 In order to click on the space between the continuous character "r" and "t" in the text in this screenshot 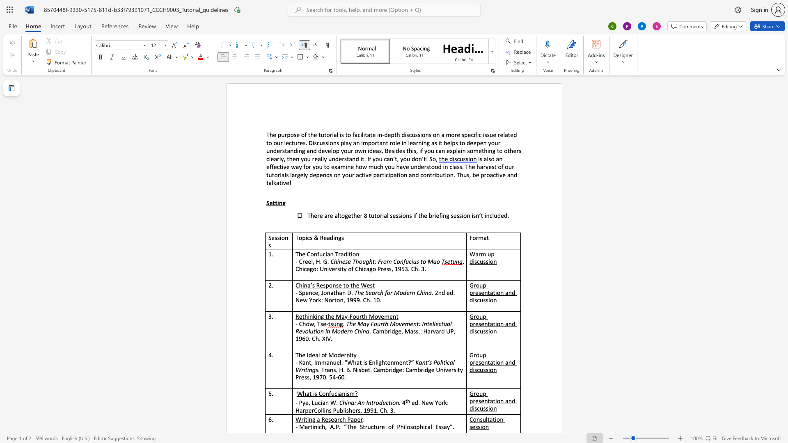, I will do `click(377, 142)`.